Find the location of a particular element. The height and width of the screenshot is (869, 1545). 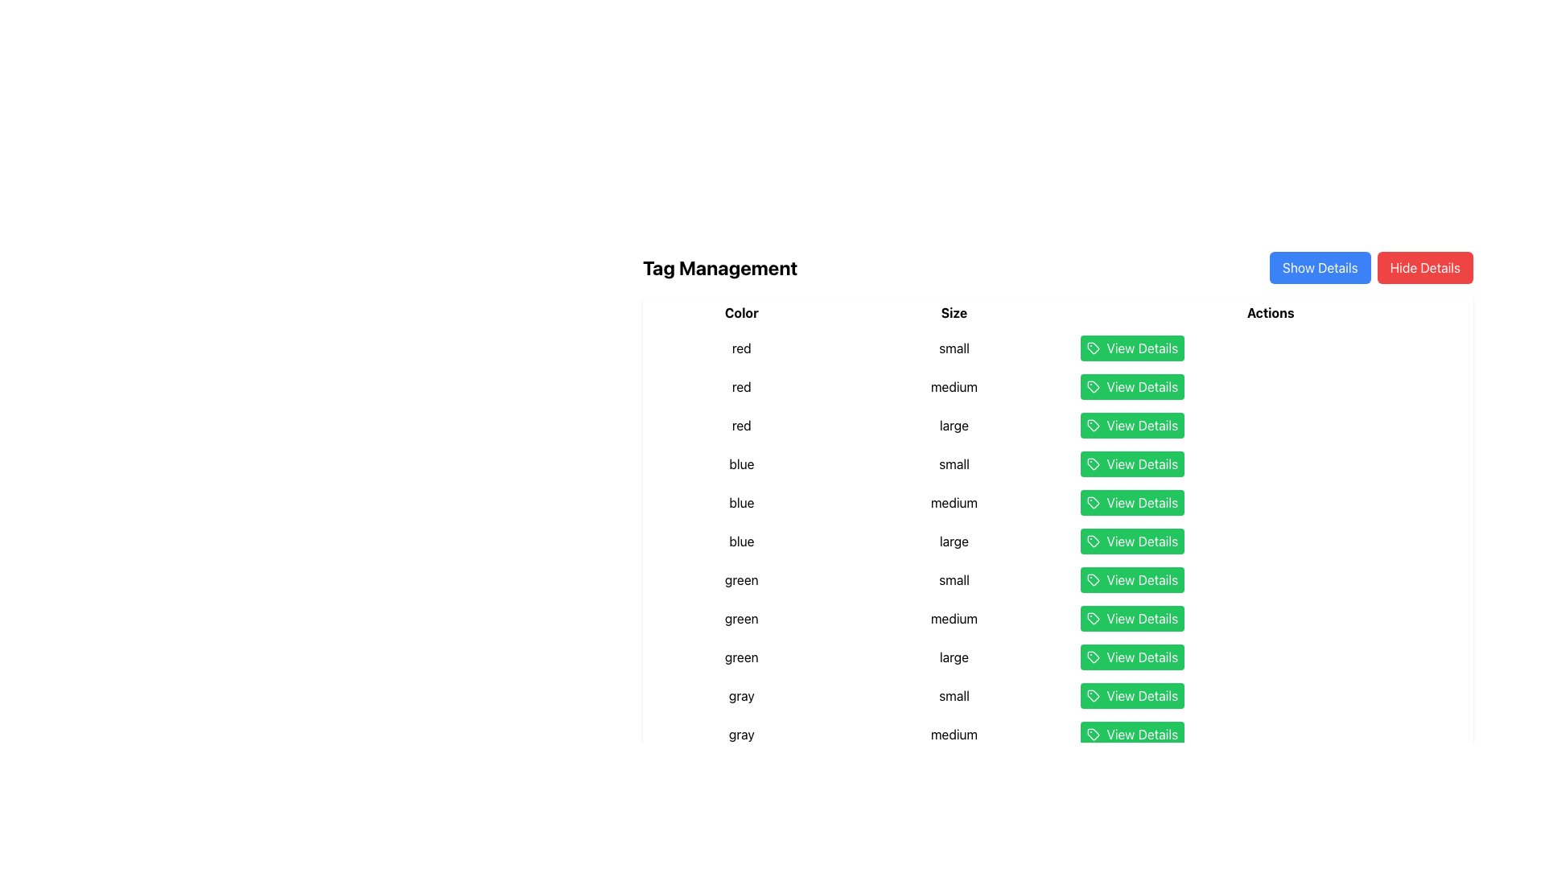

the 'Show Details' button, which has a blue background and white text is located at coordinates (1320, 266).